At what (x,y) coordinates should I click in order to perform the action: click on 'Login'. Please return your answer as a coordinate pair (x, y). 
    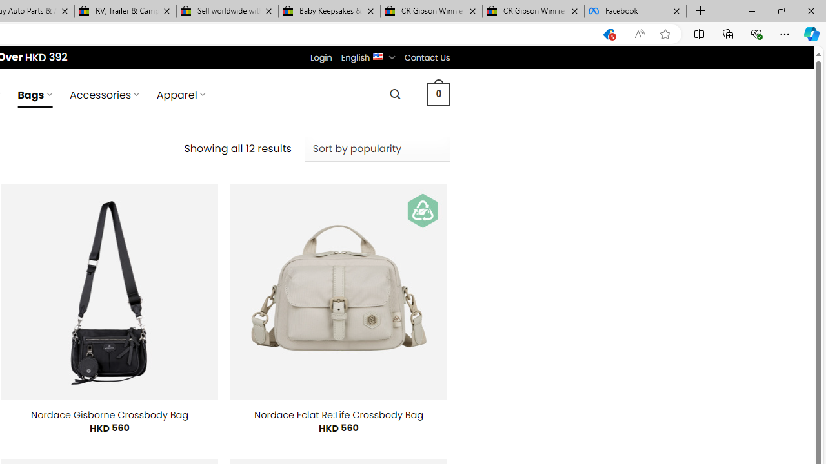
    Looking at the image, I should click on (321, 57).